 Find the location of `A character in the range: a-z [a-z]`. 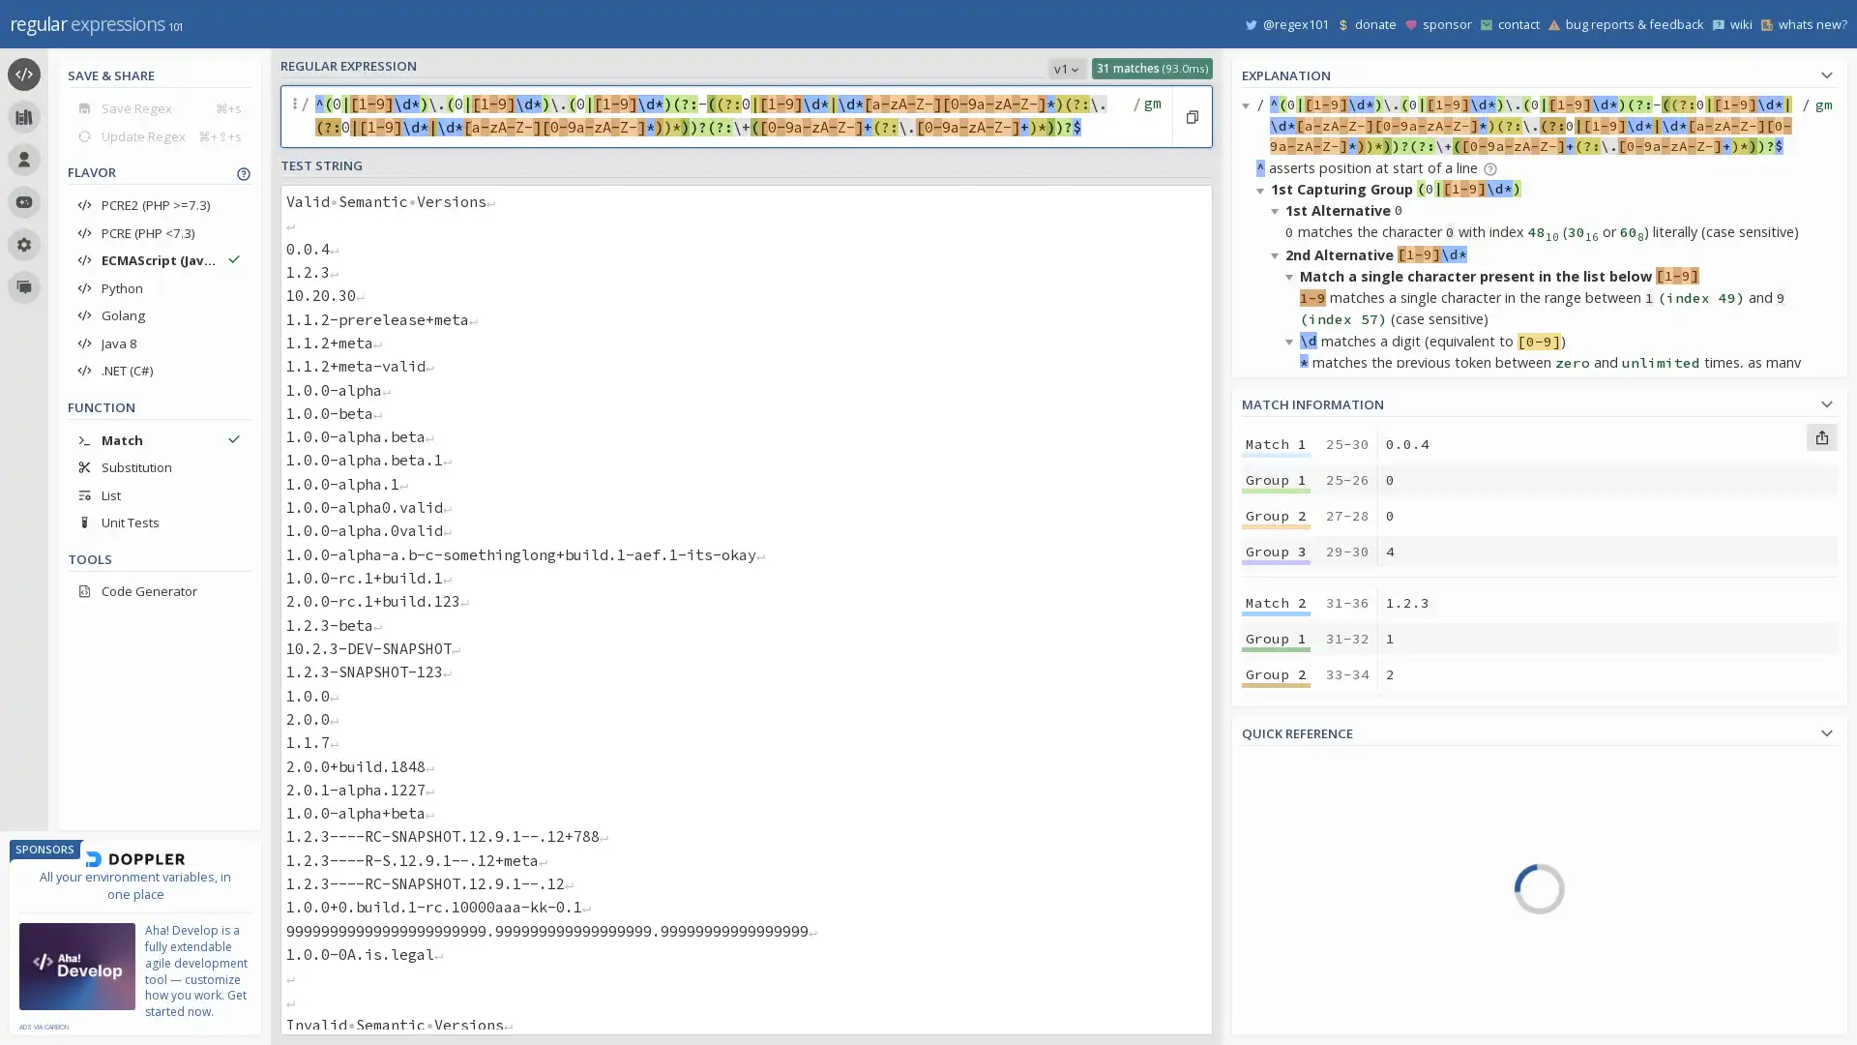

A character in the range: a-z [a-z] is located at coordinates (1636, 821).